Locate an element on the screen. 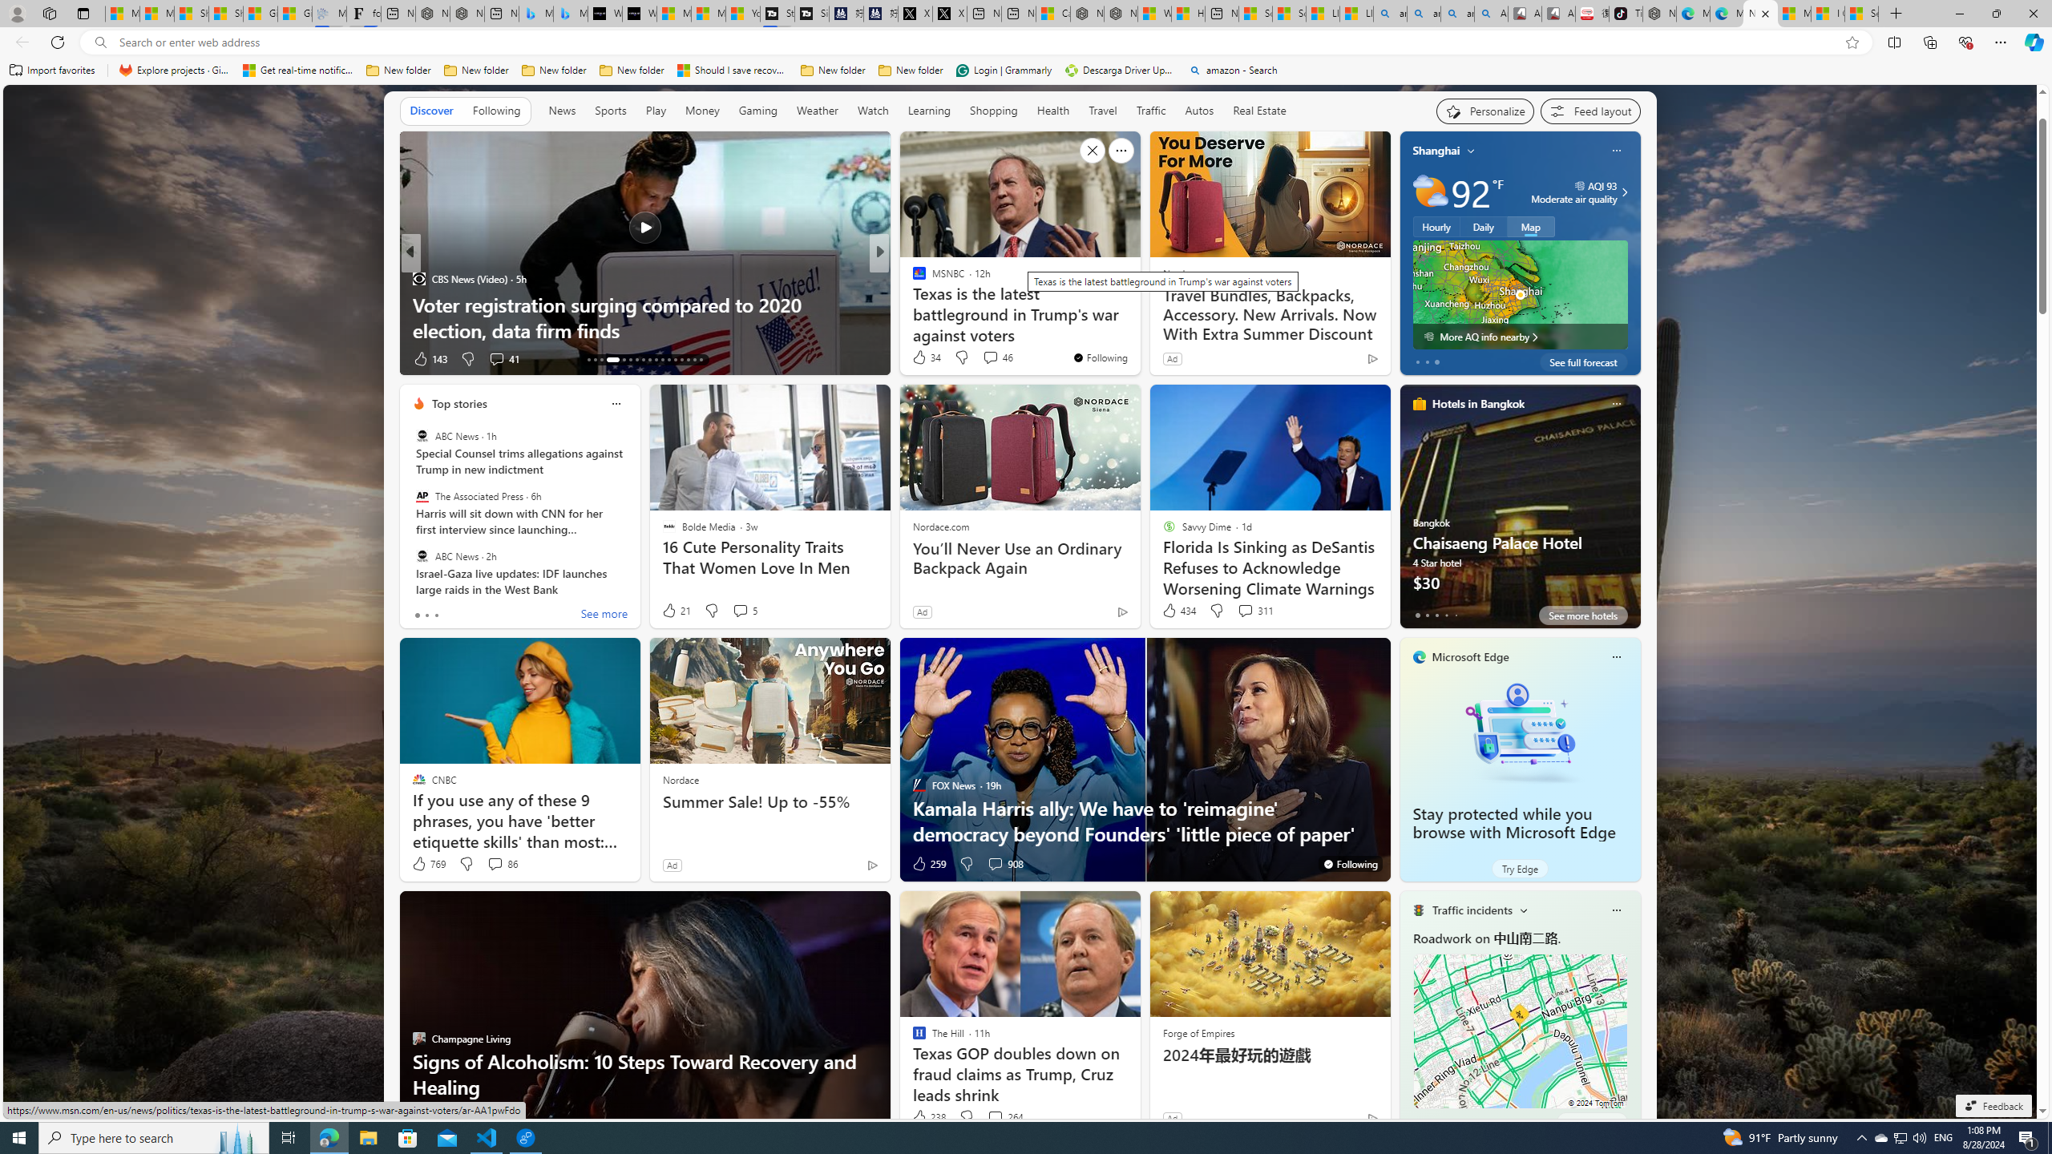 This screenshot has width=2052, height=1154. 'AutomationID: tab-41' is located at coordinates (693, 359).